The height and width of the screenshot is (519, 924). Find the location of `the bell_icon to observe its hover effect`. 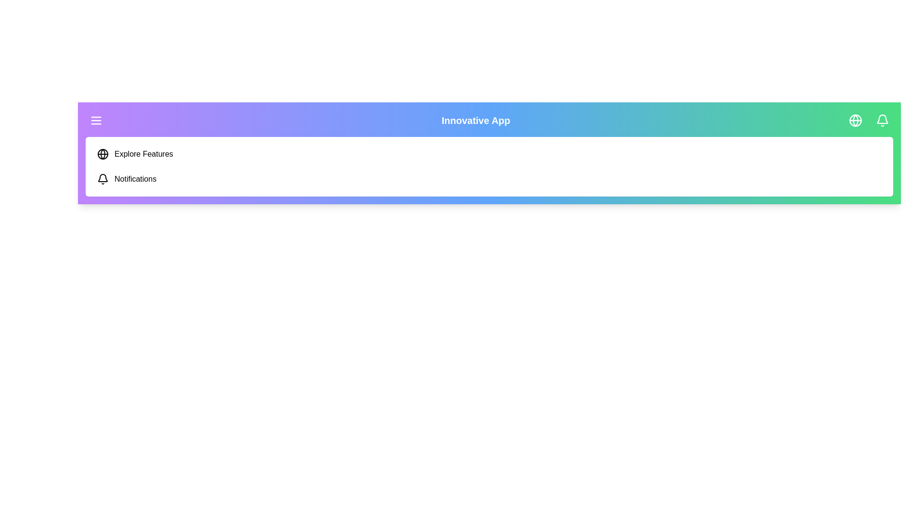

the bell_icon to observe its hover effect is located at coordinates (882, 120).